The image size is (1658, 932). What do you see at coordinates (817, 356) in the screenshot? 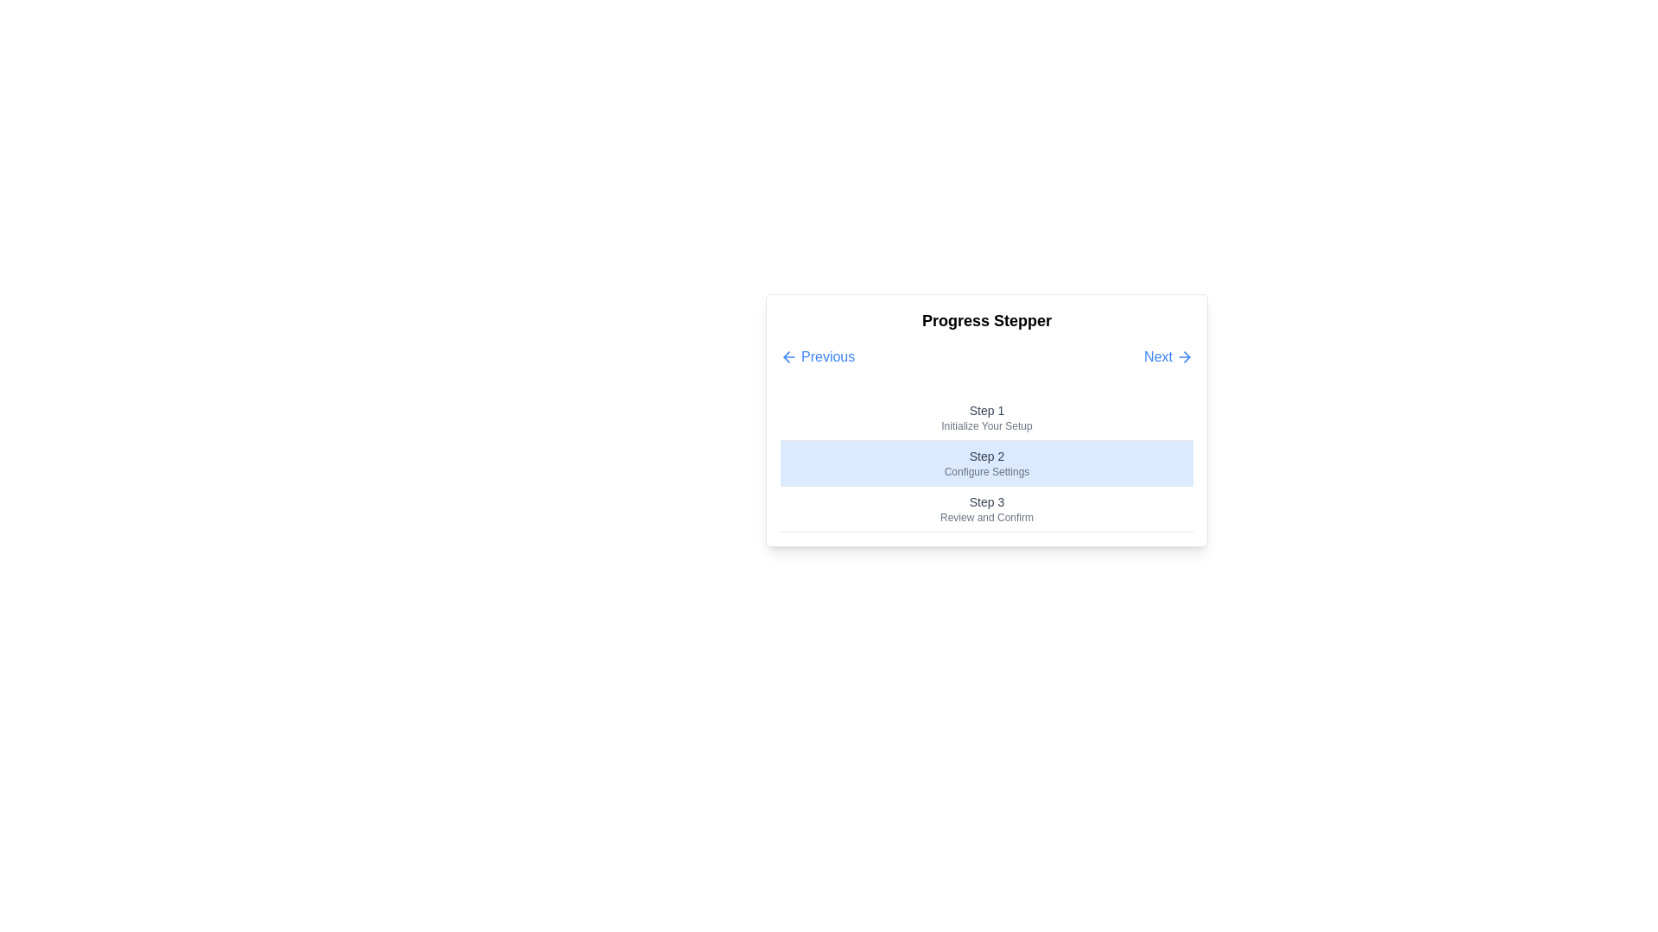
I see `the 'Back' button located on the left side of the title section, adjacent to the 'Next' button` at bounding box center [817, 356].